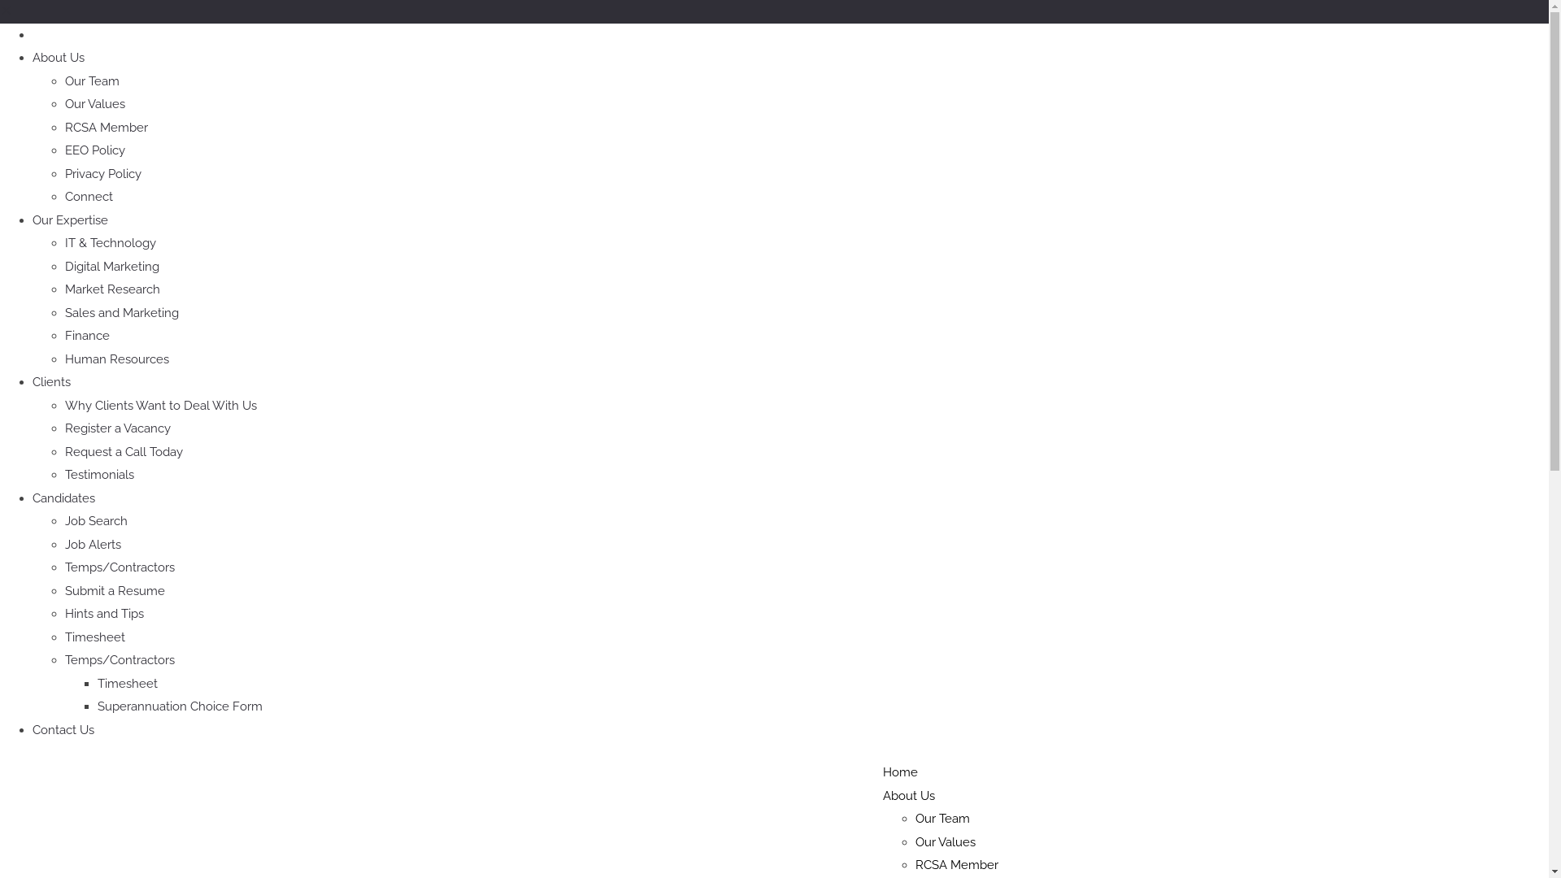 The height and width of the screenshot is (878, 1561). What do you see at coordinates (92, 543) in the screenshot?
I see `'Job Alerts'` at bounding box center [92, 543].